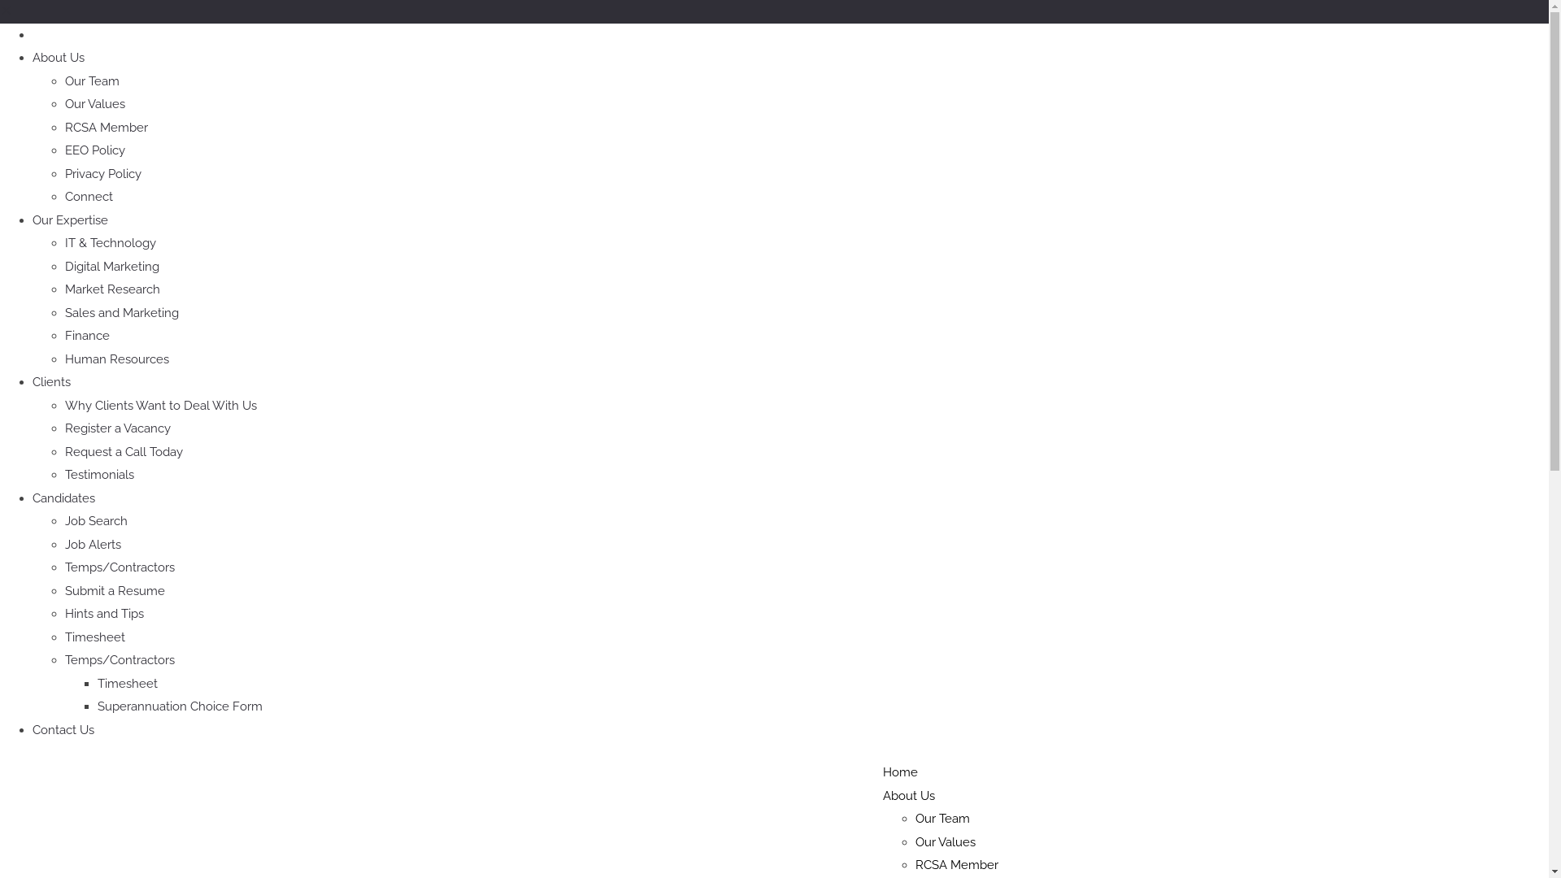 The height and width of the screenshot is (878, 1561). What do you see at coordinates (92, 543) in the screenshot?
I see `'Job Alerts'` at bounding box center [92, 543].